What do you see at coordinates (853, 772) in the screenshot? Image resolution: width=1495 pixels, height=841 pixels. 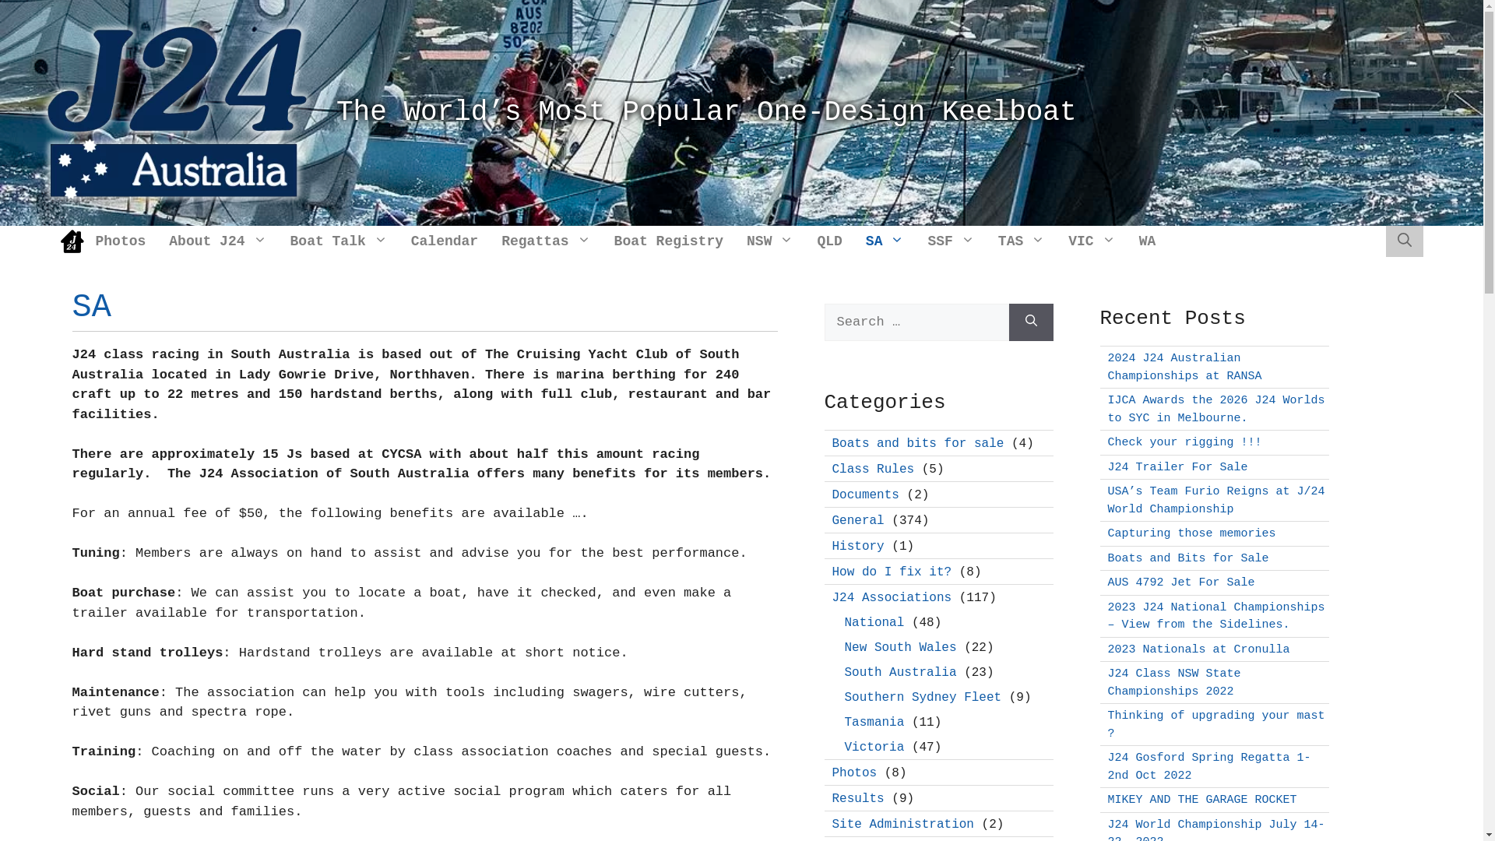 I see `'Photos'` at bounding box center [853, 772].